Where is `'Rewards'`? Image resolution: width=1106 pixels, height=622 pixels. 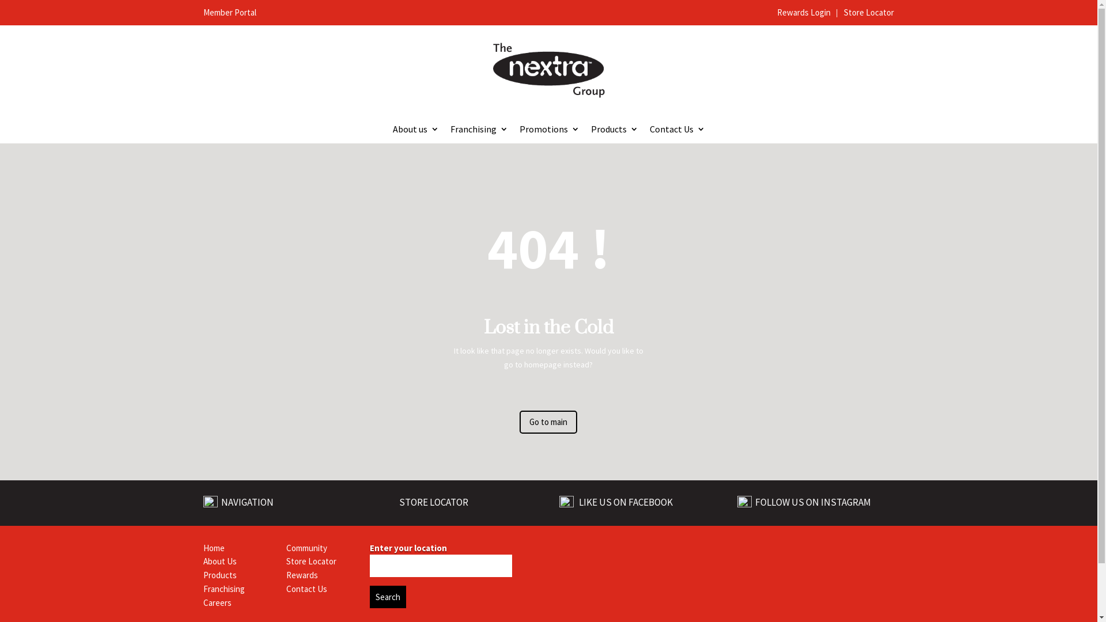
'Rewards' is located at coordinates (302, 575).